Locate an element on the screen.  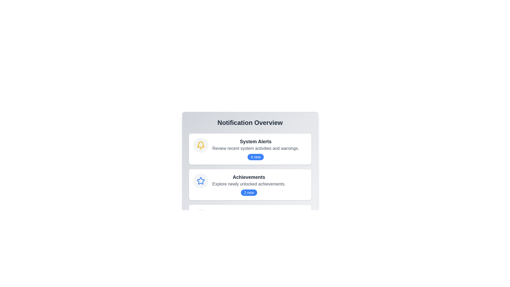
the static text label that serves as a heading for system alert information is located at coordinates (256, 141).